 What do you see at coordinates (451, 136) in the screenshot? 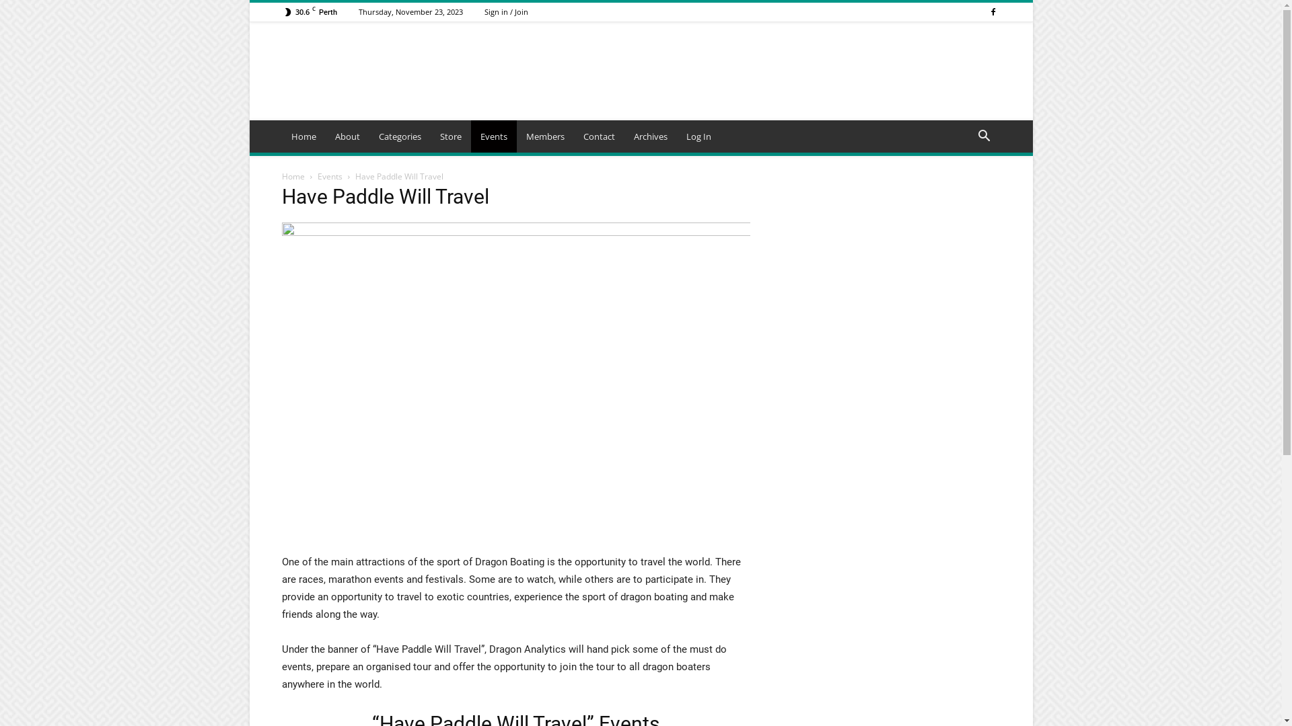
I see `'Store'` at bounding box center [451, 136].